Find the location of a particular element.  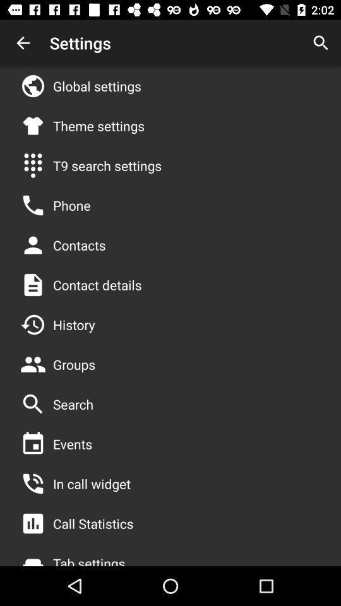

icon above theme settings app is located at coordinates (96, 85).